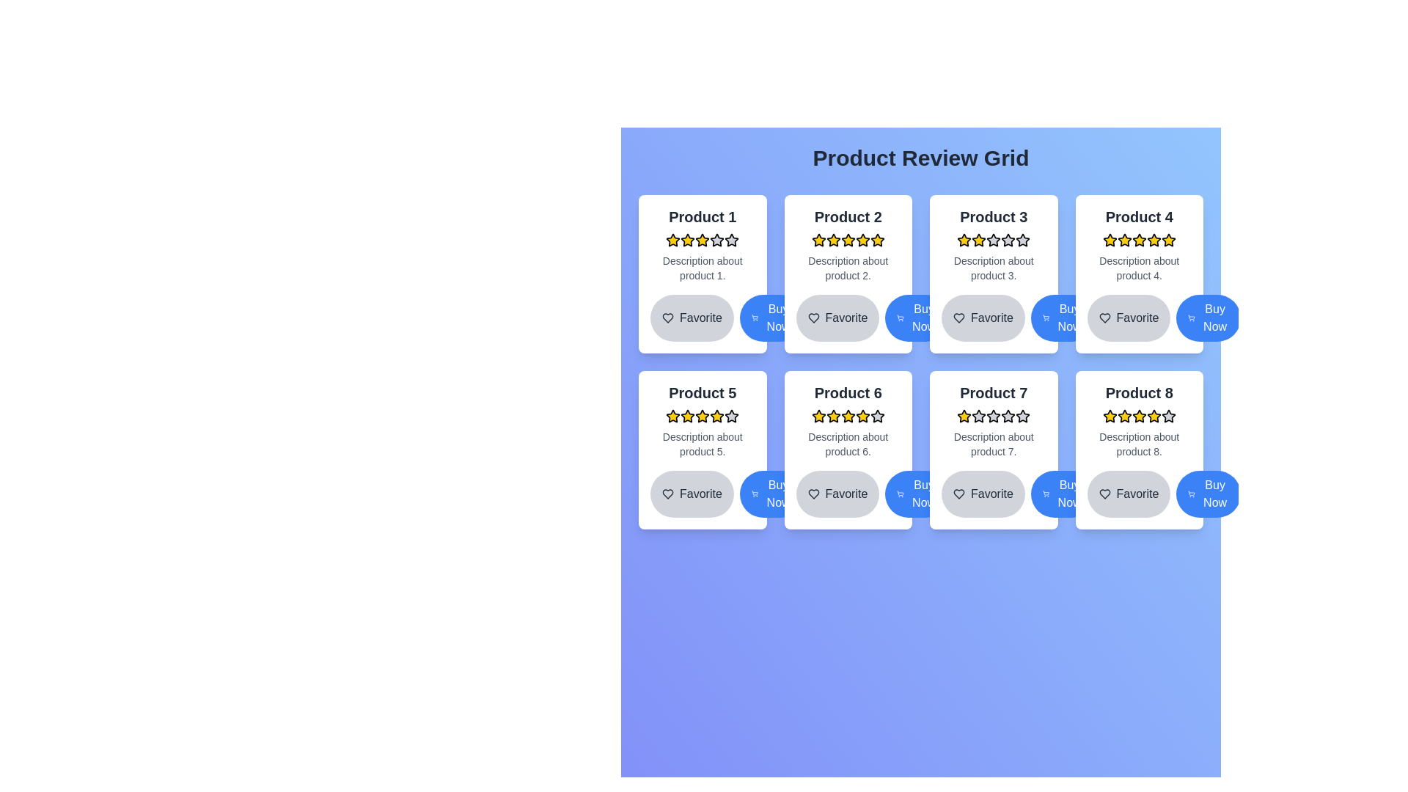 The height and width of the screenshot is (792, 1408). I want to click on the fifth star icon with a gray fill in the 'Product 5' card located in the second row, first column of the grid, so click(732, 416).